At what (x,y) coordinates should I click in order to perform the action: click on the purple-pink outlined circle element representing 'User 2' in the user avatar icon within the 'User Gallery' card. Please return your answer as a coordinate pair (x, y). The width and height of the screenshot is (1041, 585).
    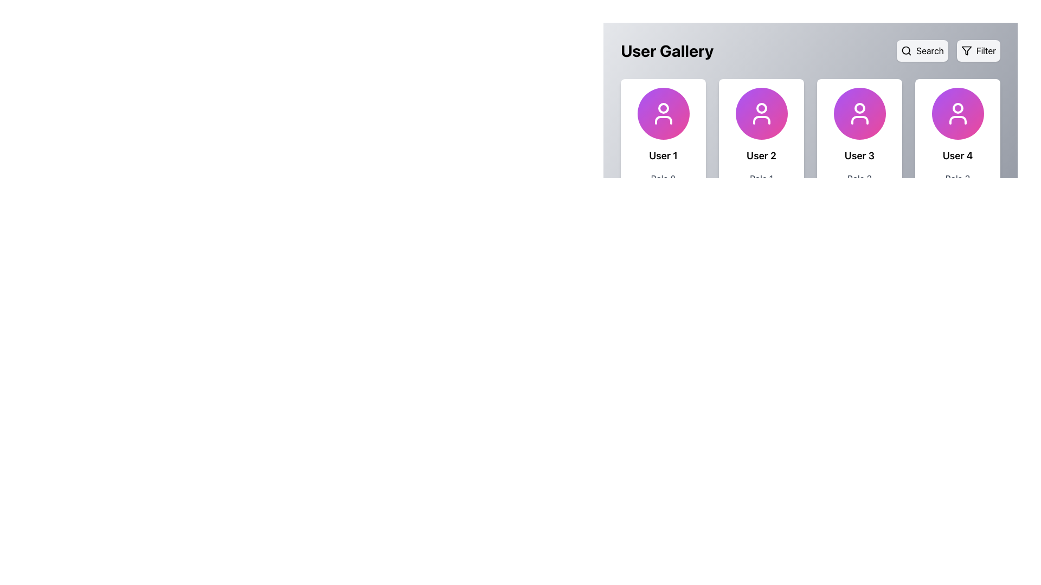
    Looking at the image, I should click on (761, 108).